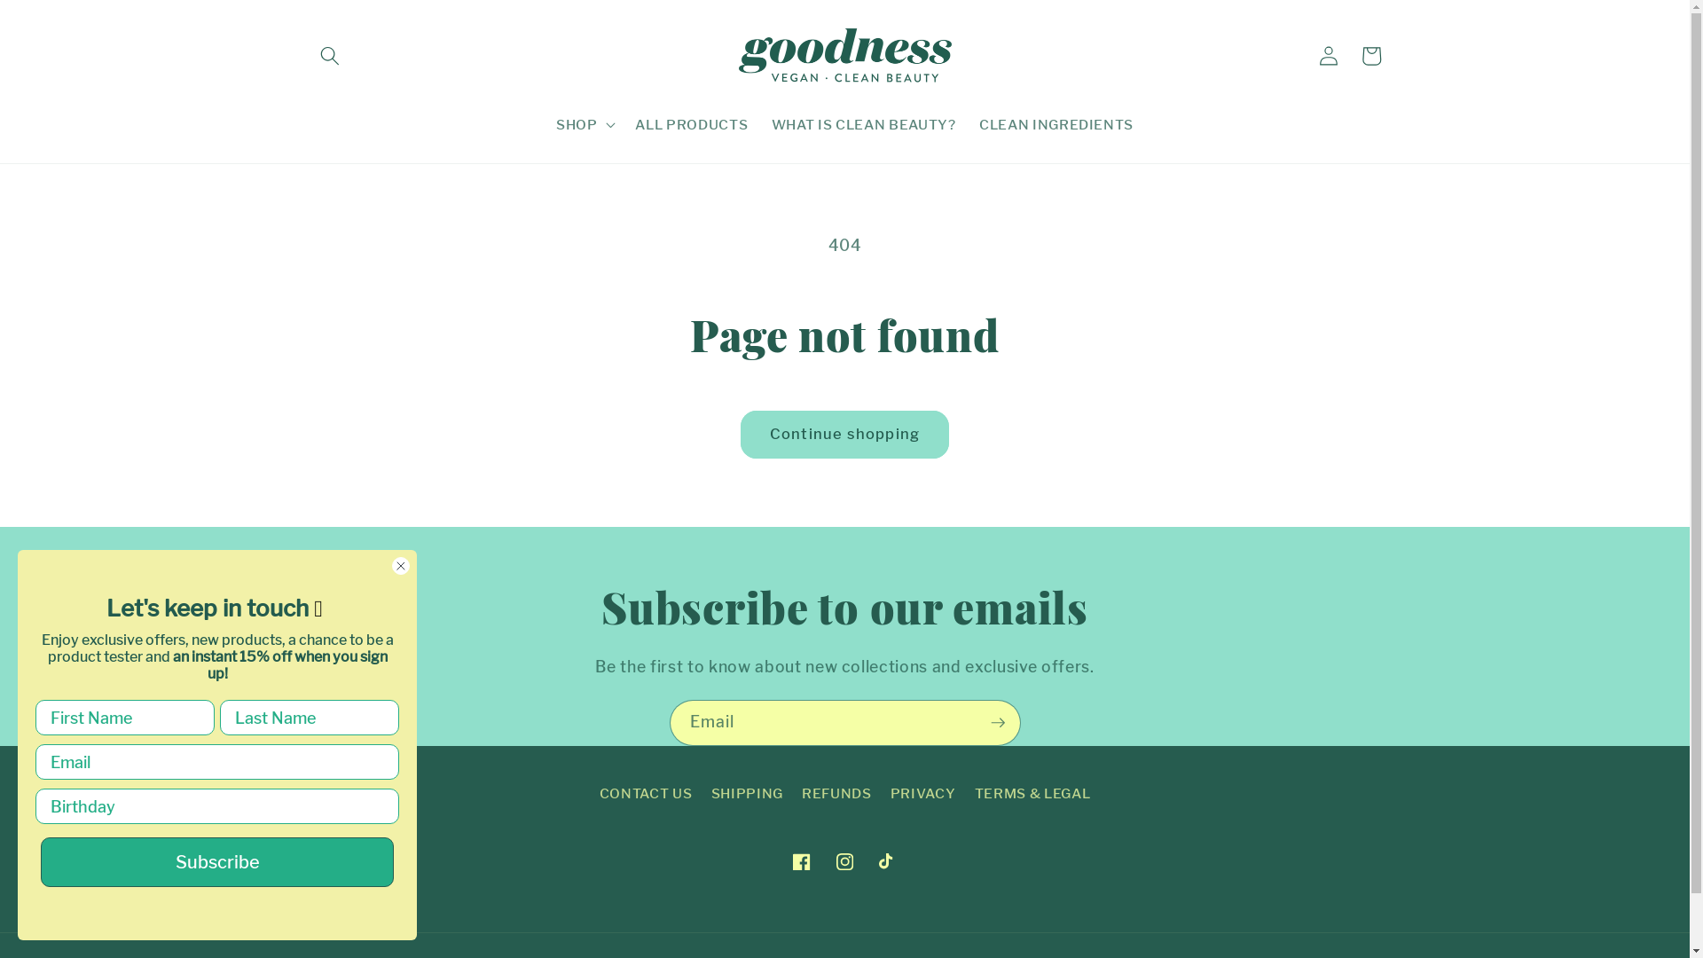  I want to click on 'Cart', so click(1369, 54).